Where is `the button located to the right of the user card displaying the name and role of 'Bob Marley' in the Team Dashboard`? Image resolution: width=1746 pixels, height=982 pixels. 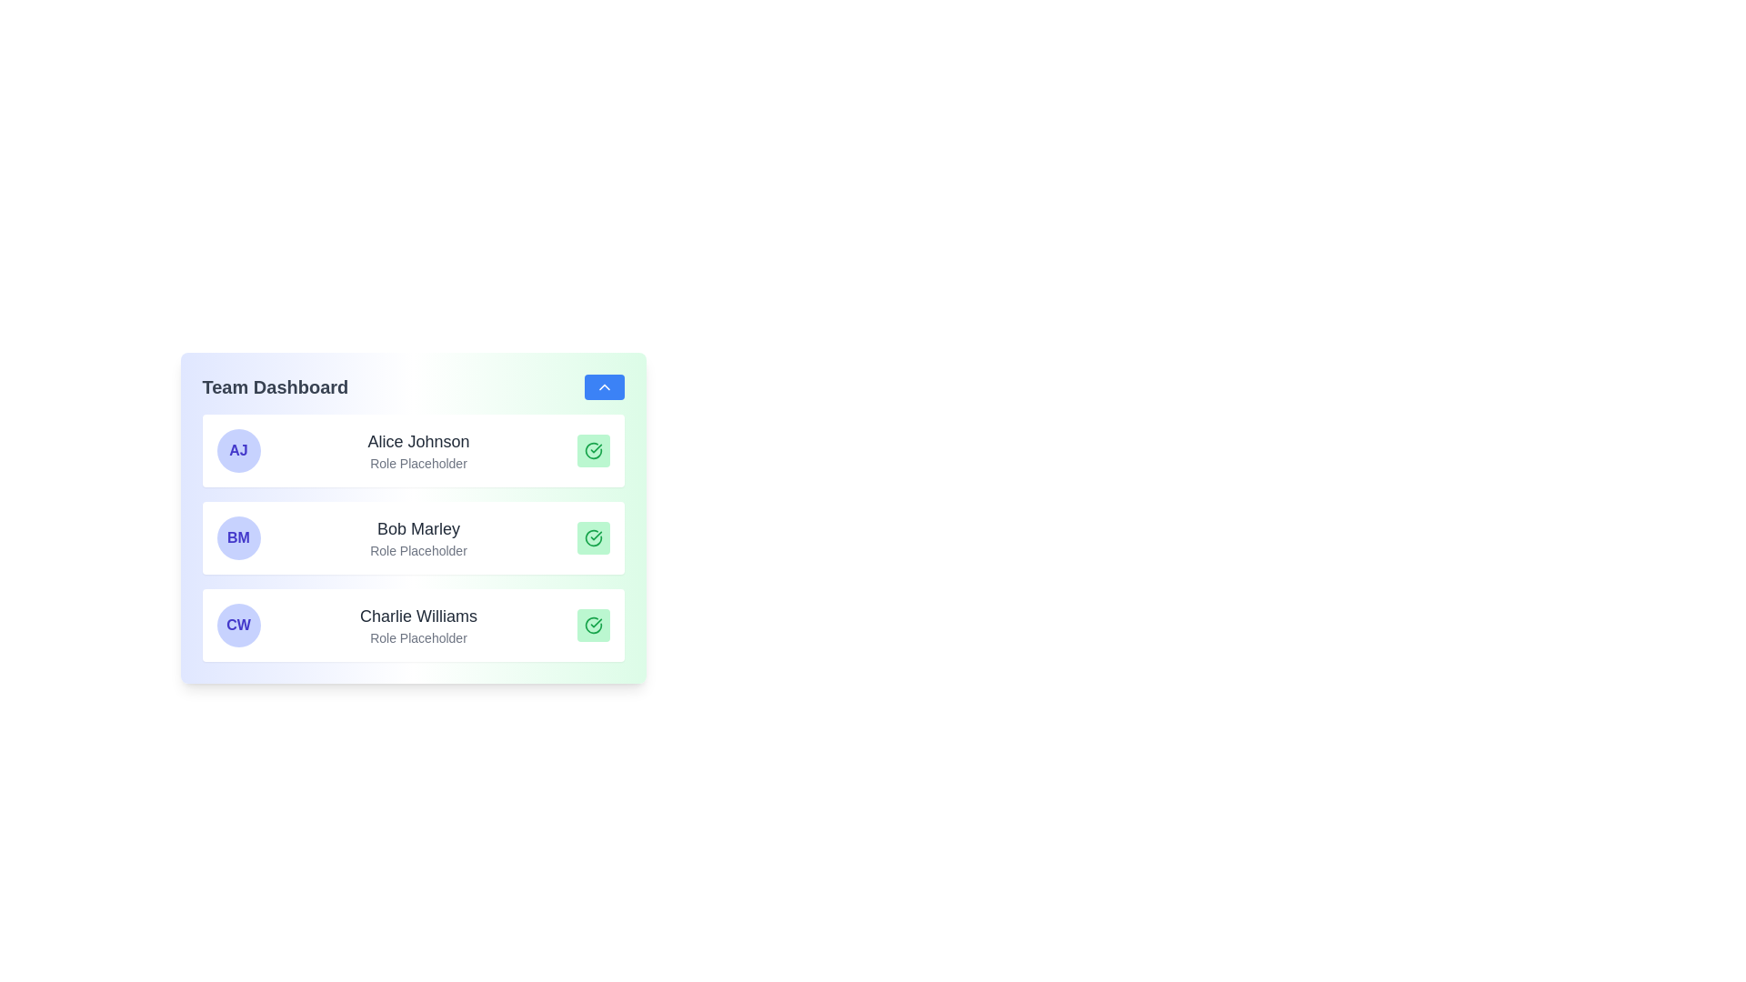
the button located to the right of the user card displaying the name and role of 'Bob Marley' in the Team Dashboard is located at coordinates (412, 560).